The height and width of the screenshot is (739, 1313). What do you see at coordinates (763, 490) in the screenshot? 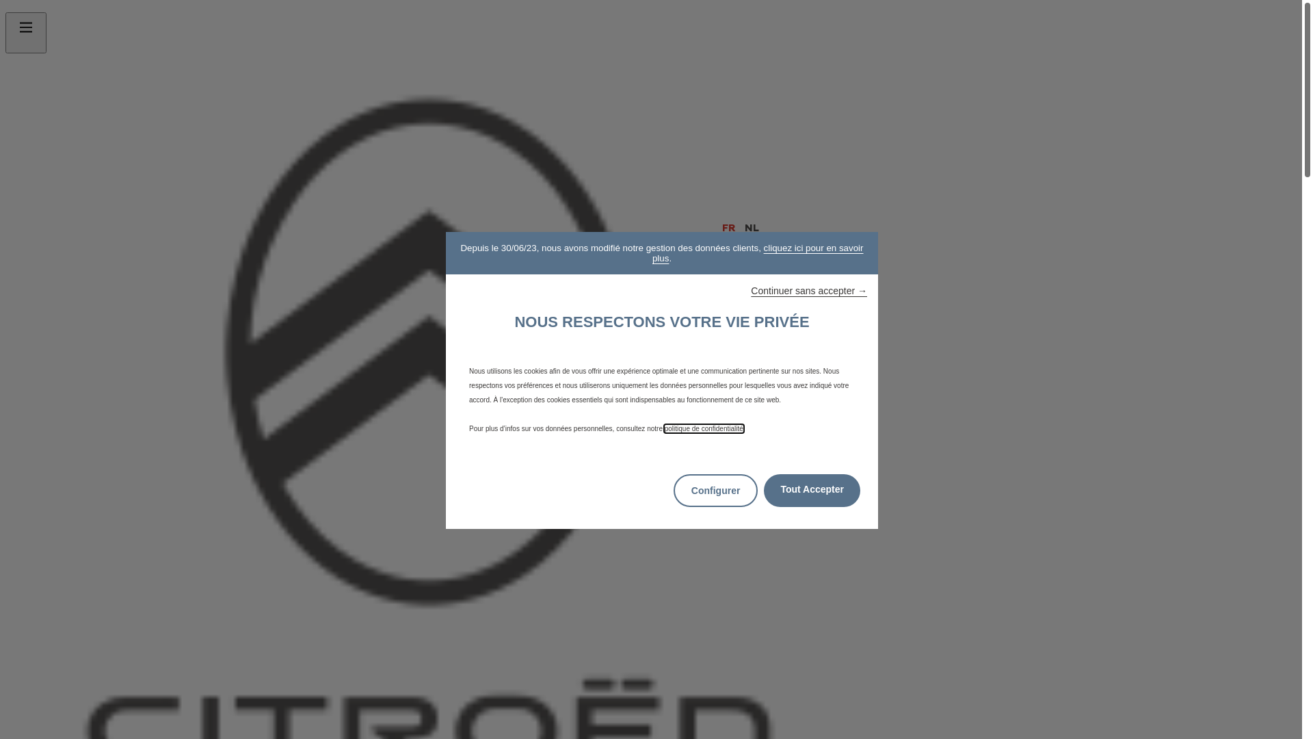
I see `'Tout Accepter'` at bounding box center [763, 490].